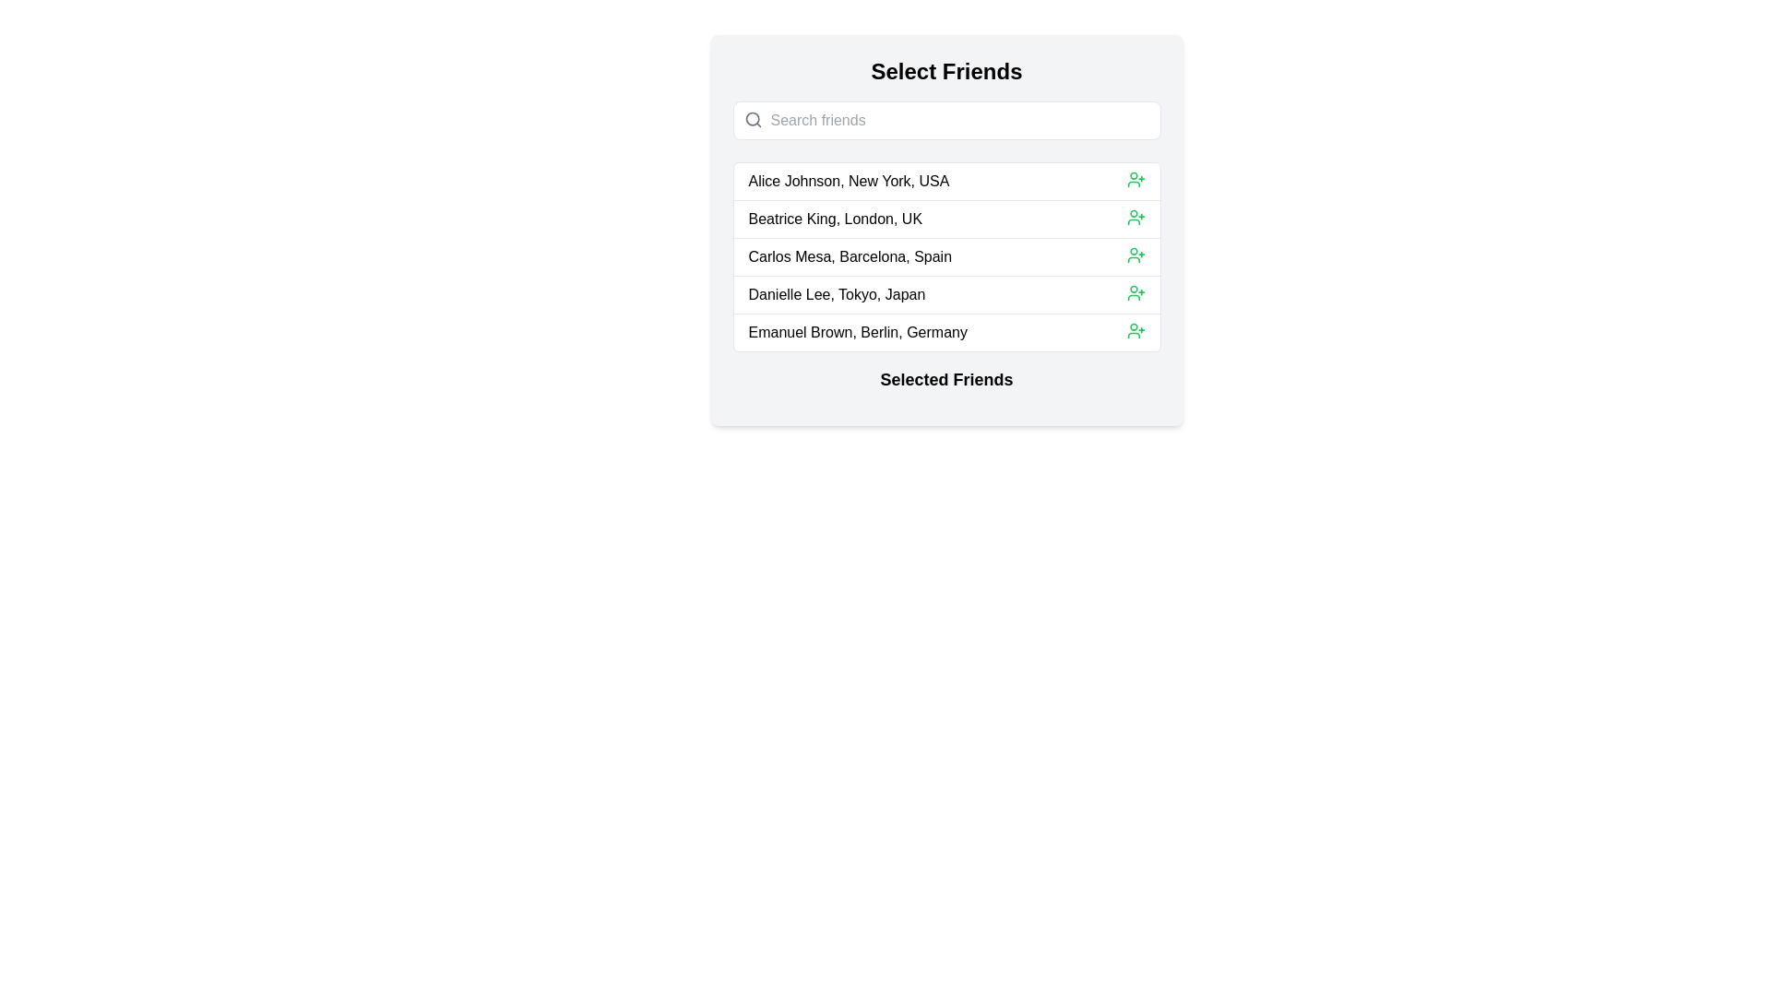 The width and height of the screenshot is (1771, 996). I want to click on the green person icon with a '+' sign located to the right of 'Emanuel Brown, Berlin, Germany' in the fifth row of the list to initiate the add user action, so click(1135, 329).